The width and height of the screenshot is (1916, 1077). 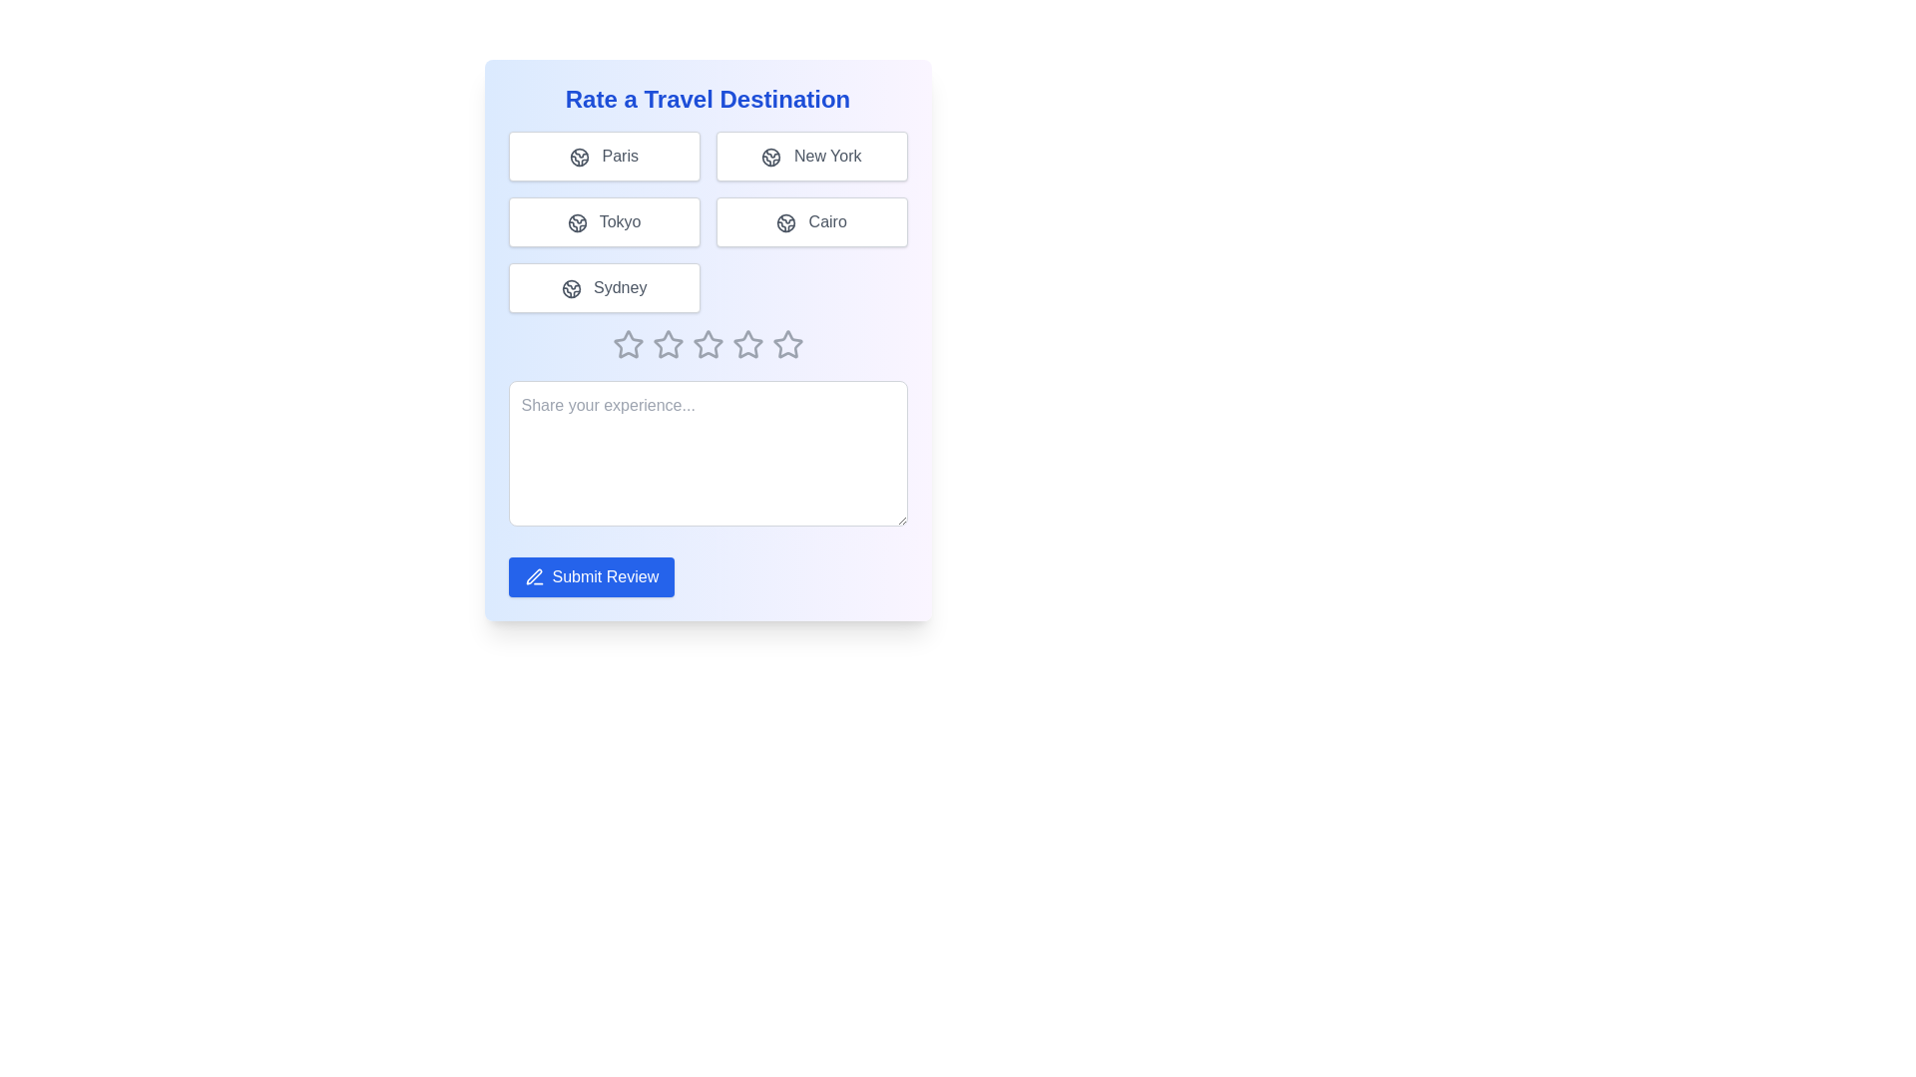 I want to click on the fifth star-shaped icon in the row of rating stars, so click(x=786, y=343).